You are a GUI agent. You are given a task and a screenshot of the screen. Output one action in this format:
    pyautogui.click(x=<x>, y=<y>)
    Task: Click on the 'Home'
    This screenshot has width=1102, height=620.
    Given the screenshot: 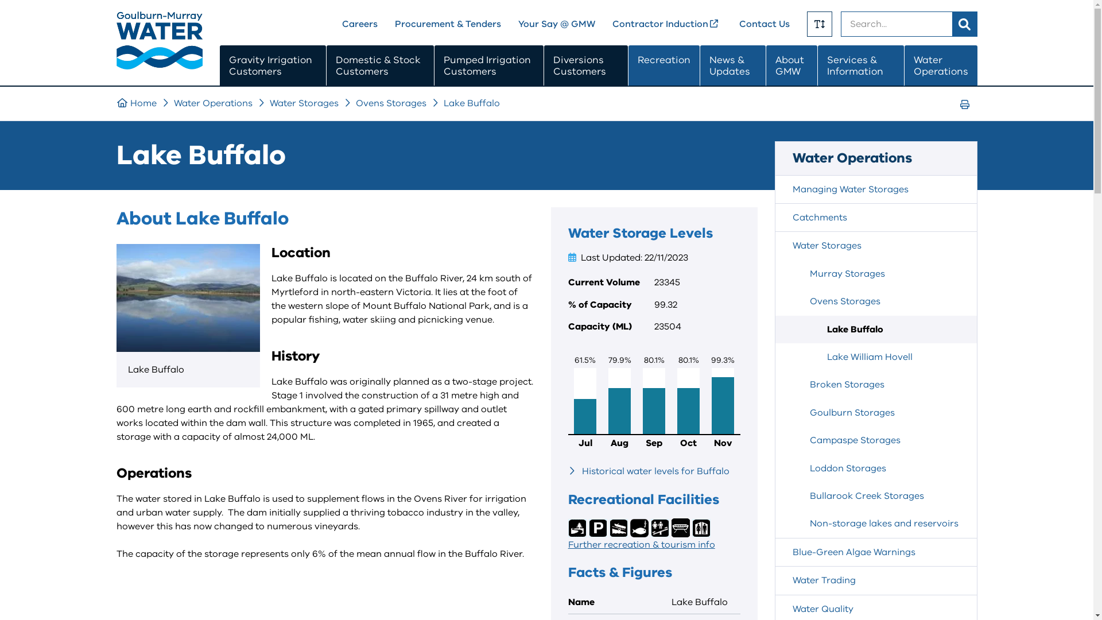 What is the action you would take?
    pyautogui.click(x=135, y=103)
    